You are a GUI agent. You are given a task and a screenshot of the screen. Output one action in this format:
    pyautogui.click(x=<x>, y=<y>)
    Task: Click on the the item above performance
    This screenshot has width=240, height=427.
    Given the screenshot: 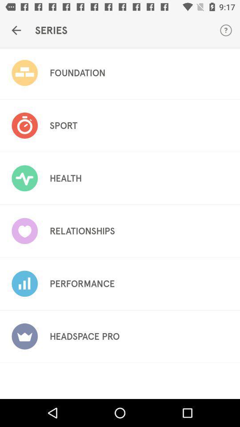 What is the action you would take?
    pyautogui.click(x=82, y=230)
    